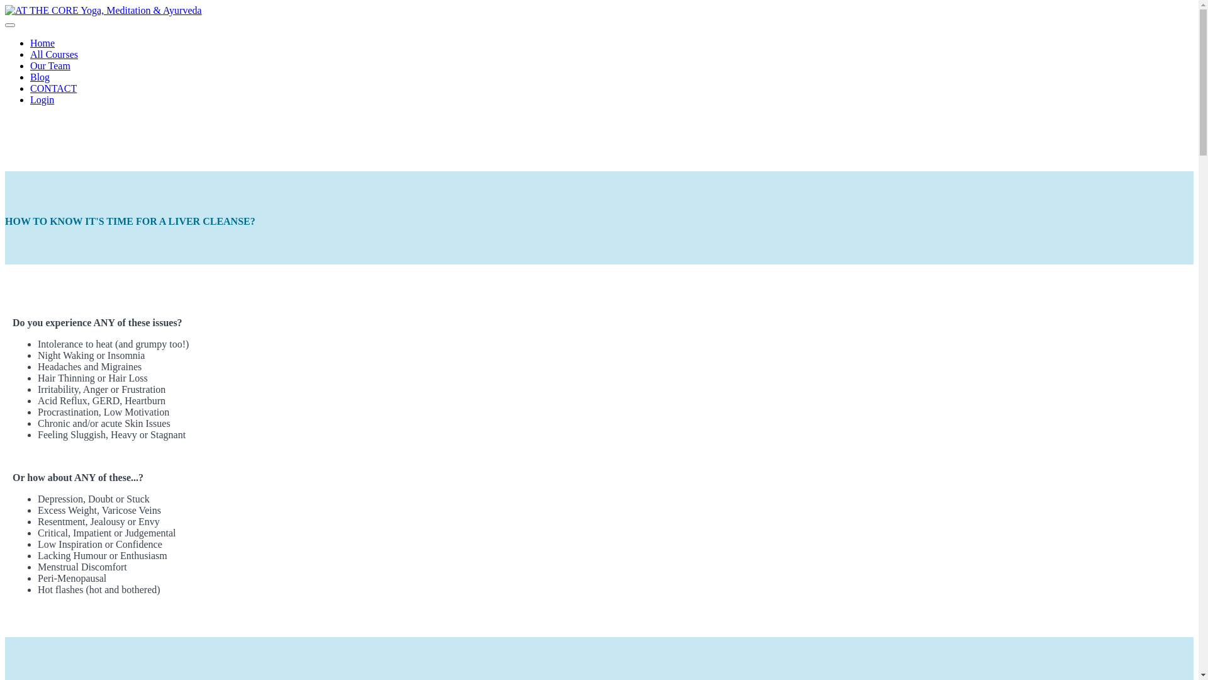 The image size is (1208, 680). I want to click on 'CONTACT', so click(53, 88).